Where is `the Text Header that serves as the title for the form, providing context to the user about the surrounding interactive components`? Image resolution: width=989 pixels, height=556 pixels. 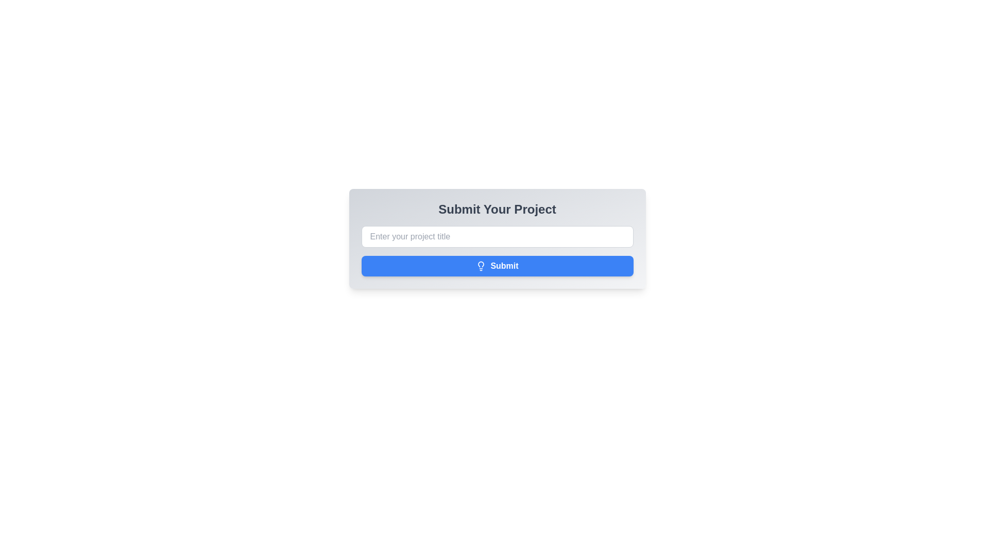
the Text Header that serves as the title for the form, providing context to the user about the surrounding interactive components is located at coordinates (497, 209).